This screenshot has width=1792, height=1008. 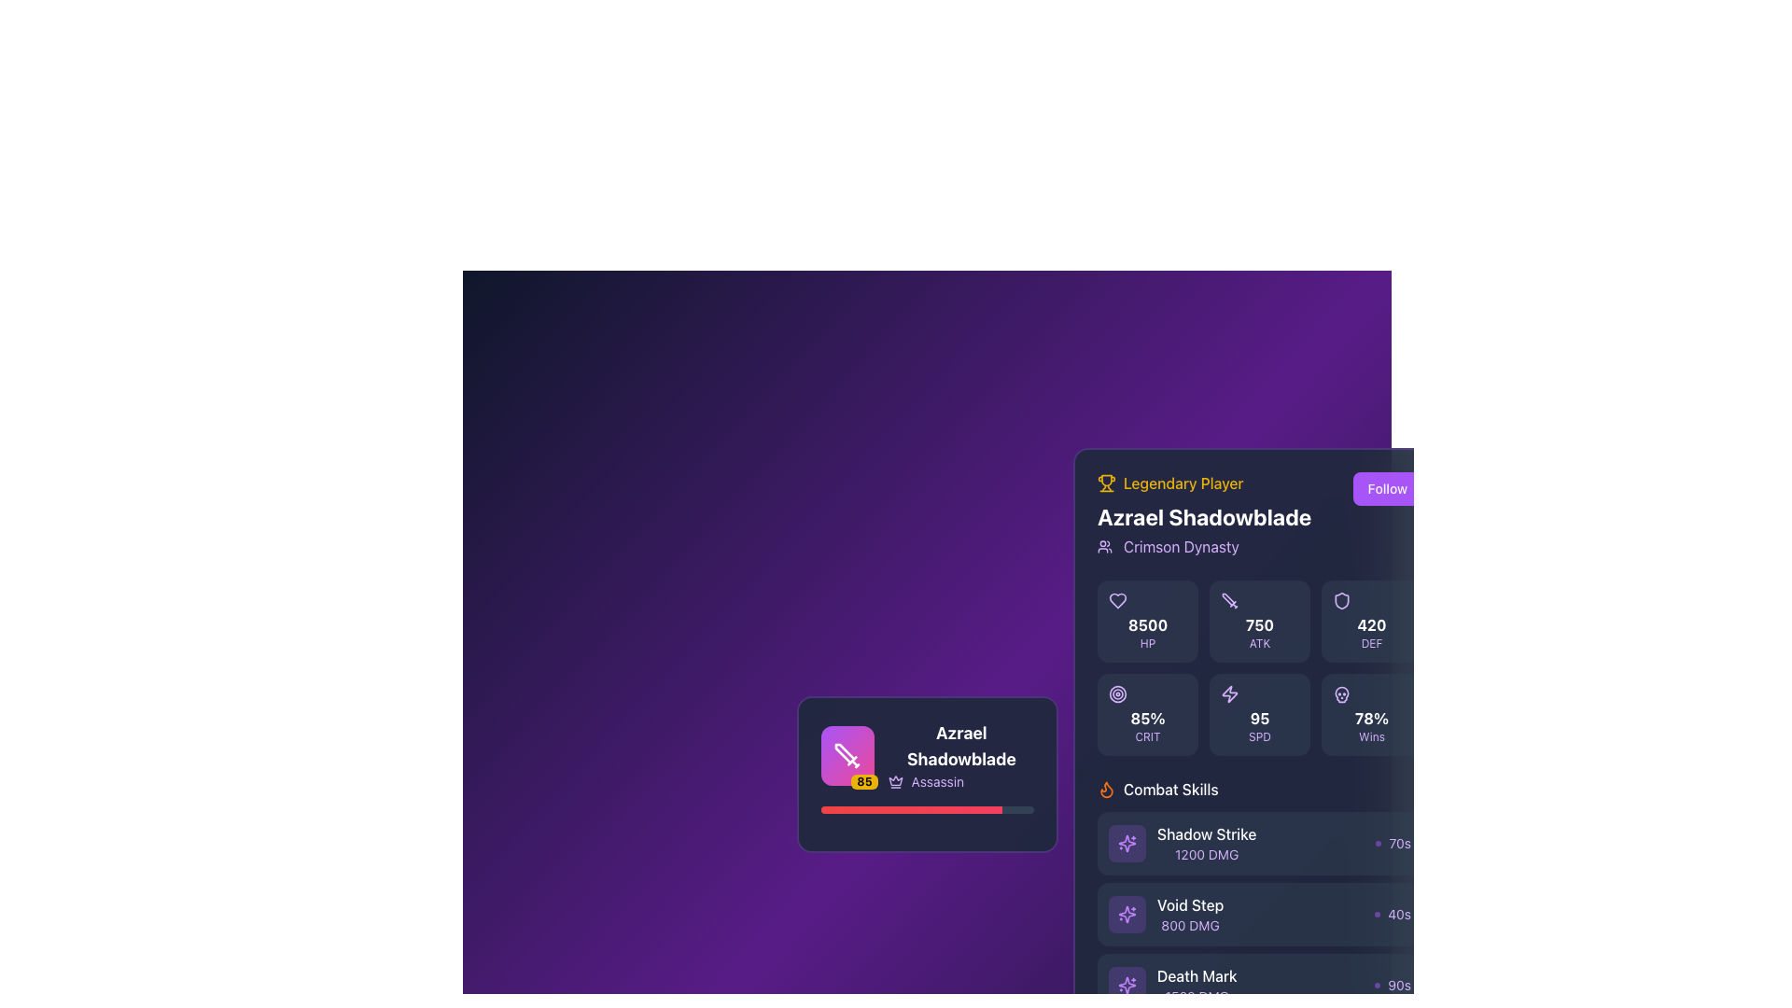 I want to click on the Text Label that describes the relevance of '85%' for the 'CRIT' metric, located in the second row, first column of the stats grid, so click(x=1146, y=736).